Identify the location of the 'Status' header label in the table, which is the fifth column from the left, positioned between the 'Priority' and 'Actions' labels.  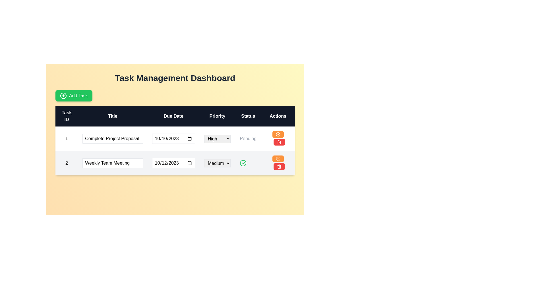
(248, 116).